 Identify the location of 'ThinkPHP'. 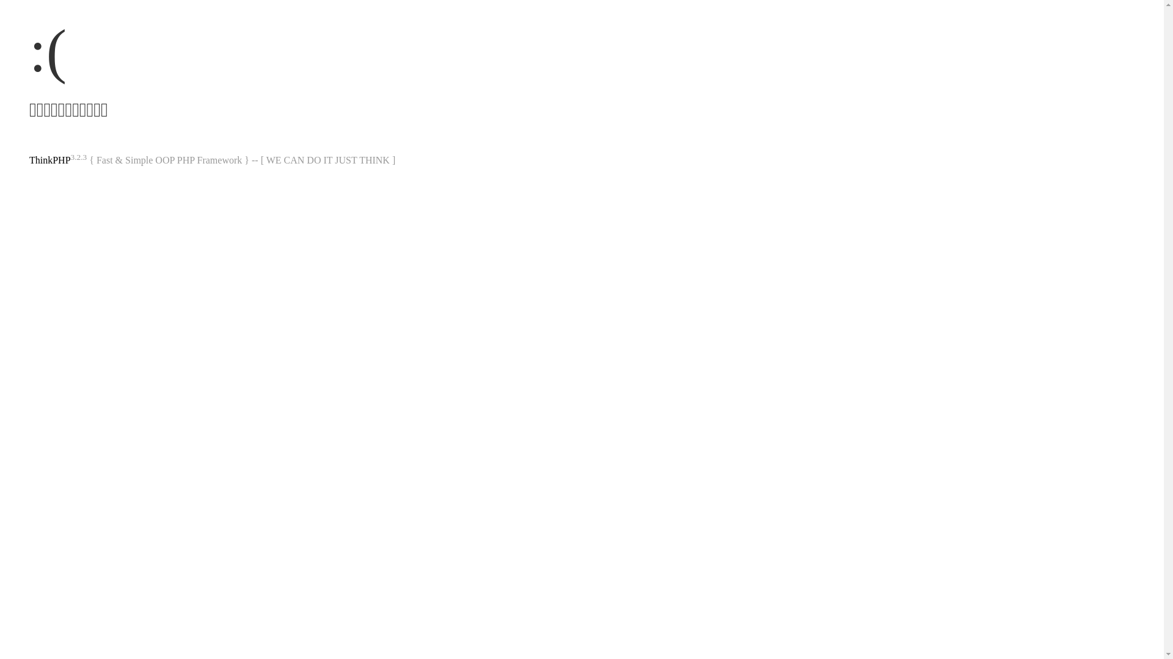
(49, 159).